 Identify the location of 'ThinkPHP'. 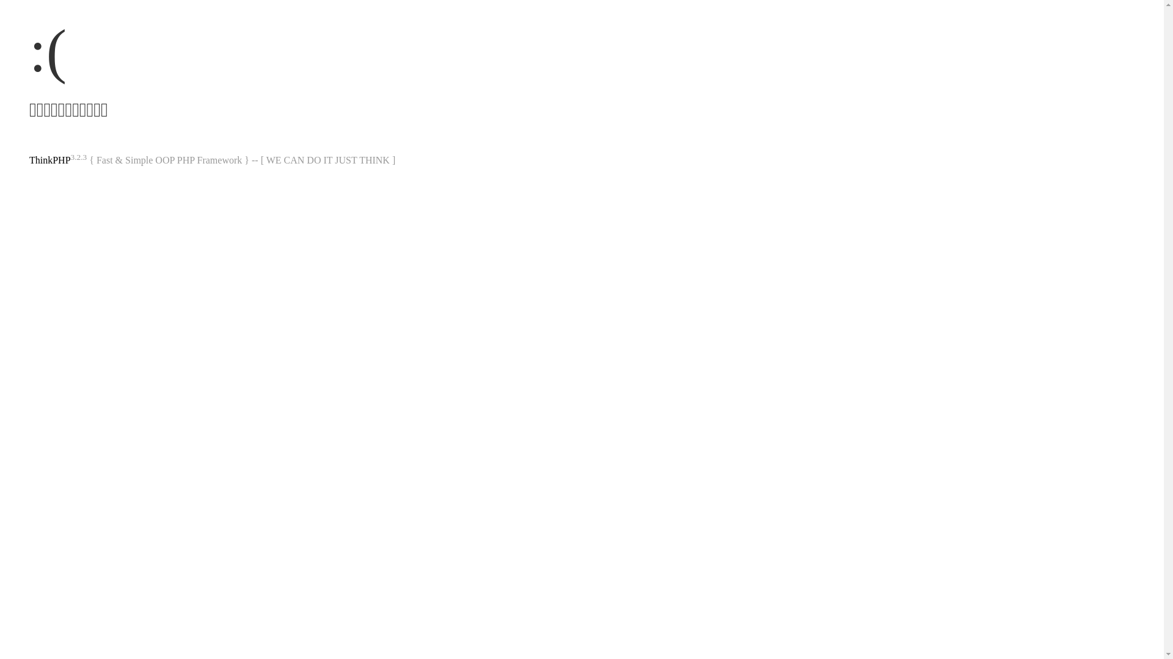
(49, 159).